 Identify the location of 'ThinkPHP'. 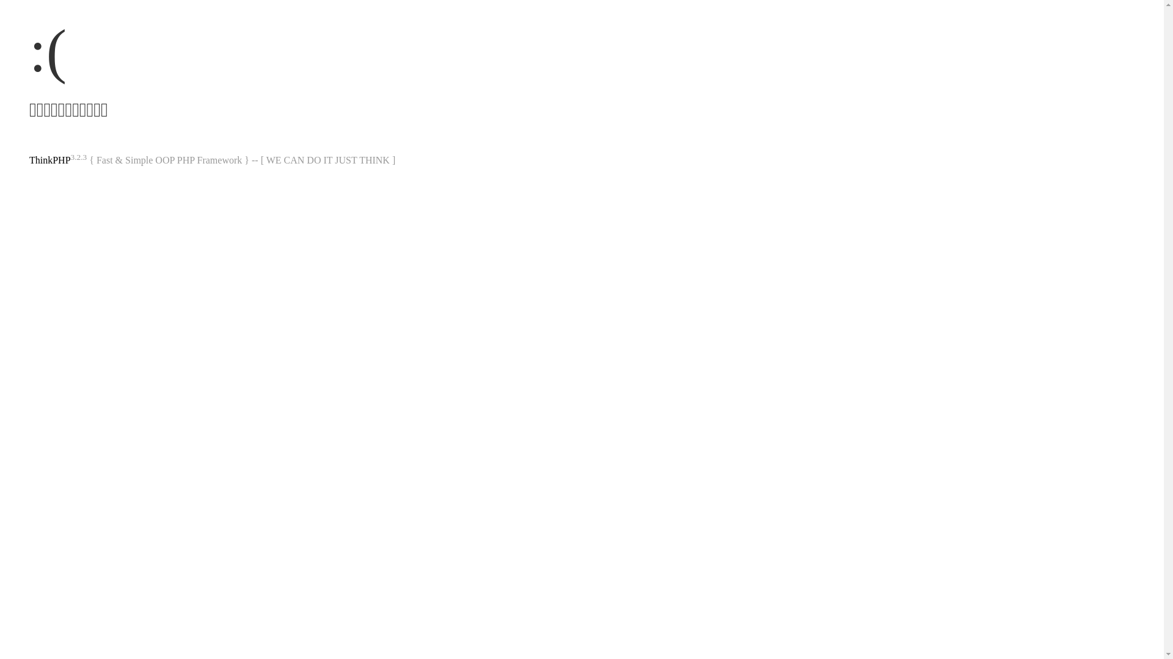
(49, 159).